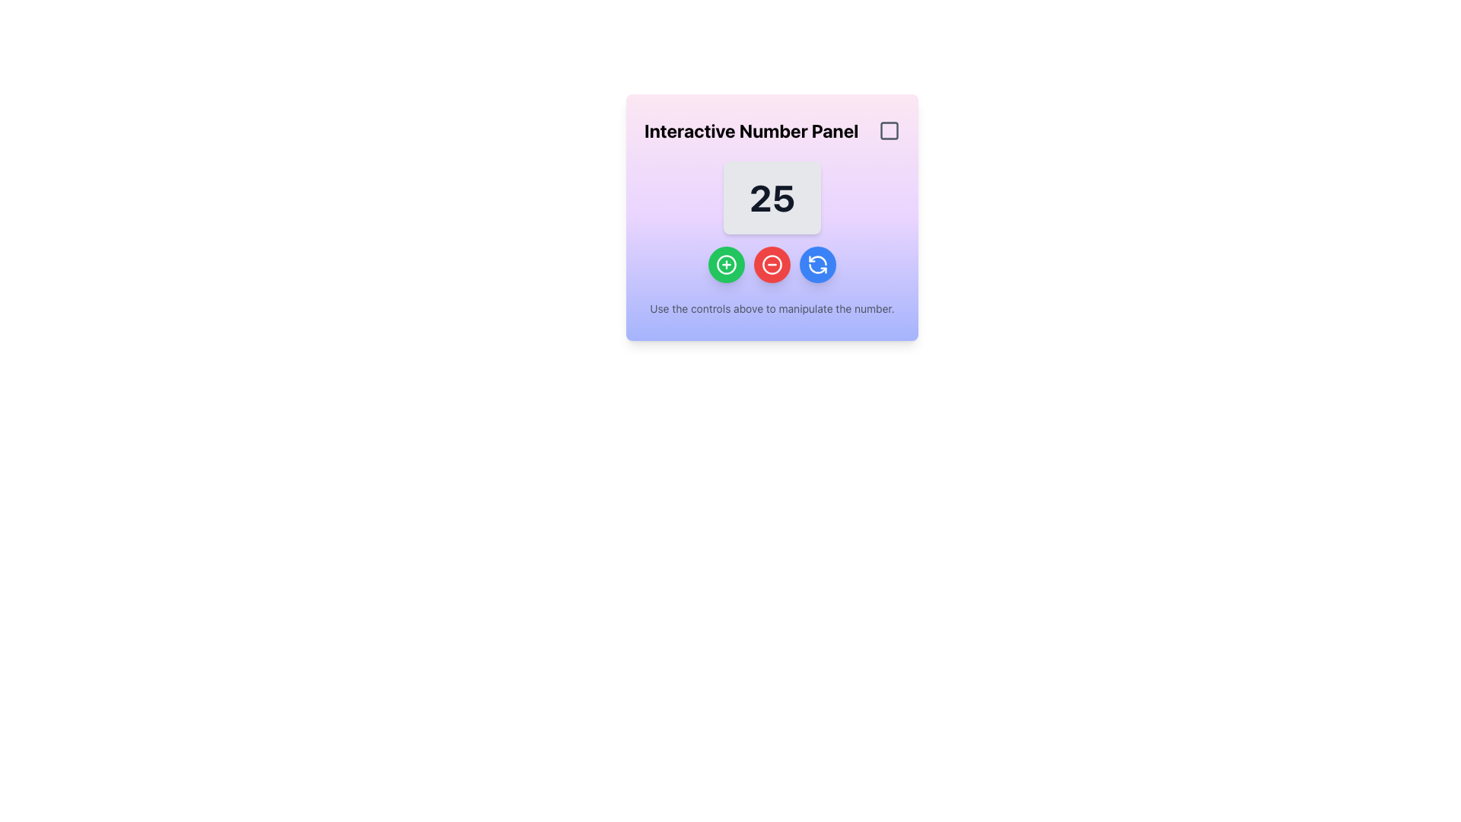 Image resolution: width=1461 pixels, height=822 pixels. What do you see at coordinates (772, 308) in the screenshot?
I see `the static informative text located beneath the row of three interactive circular buttons, styled in gray and presented in a small, centered font within a colorful gradient panel` at bounding box center [772, 308].